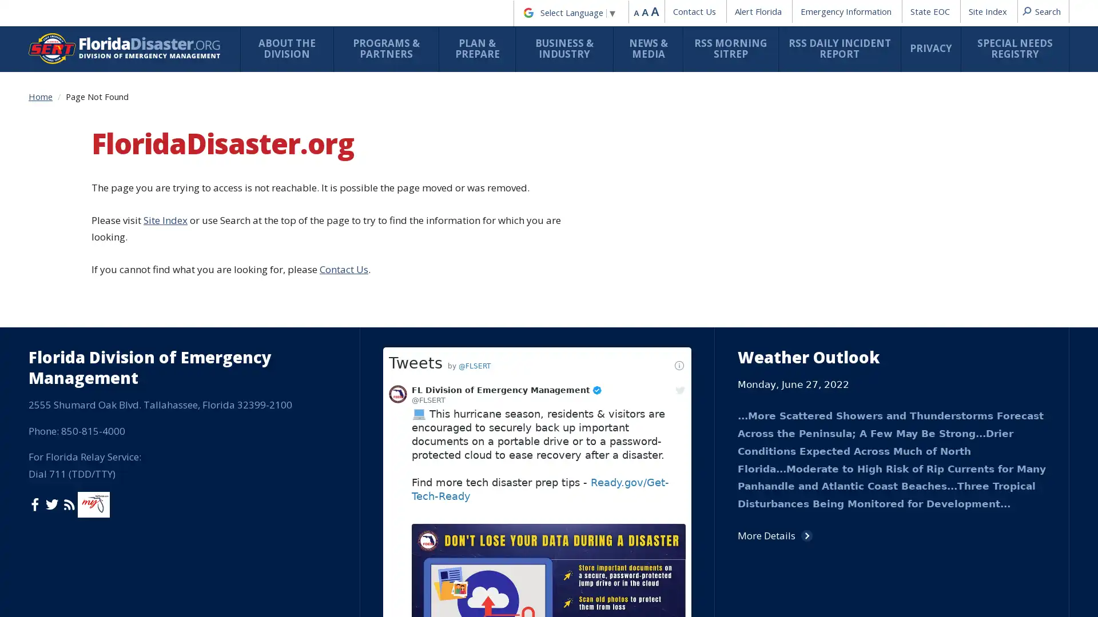 The image size is (1098, 617). Describe the element at coordinates (657, 223) in the screenshot. I see `Toggle More` at that location.